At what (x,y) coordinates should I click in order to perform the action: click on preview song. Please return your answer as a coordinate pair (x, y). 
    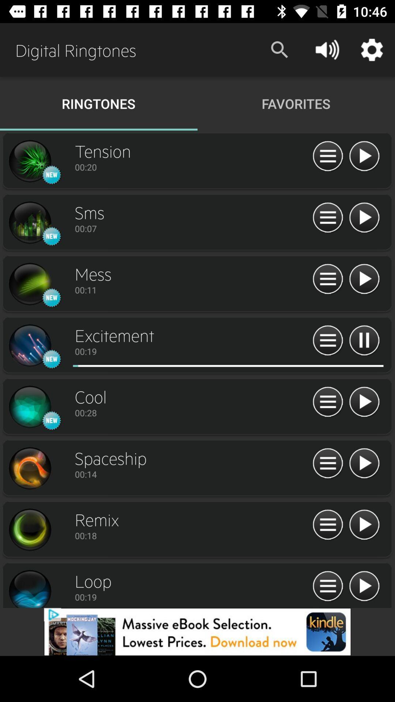
    Looking at the image, I should click on (29, 345).